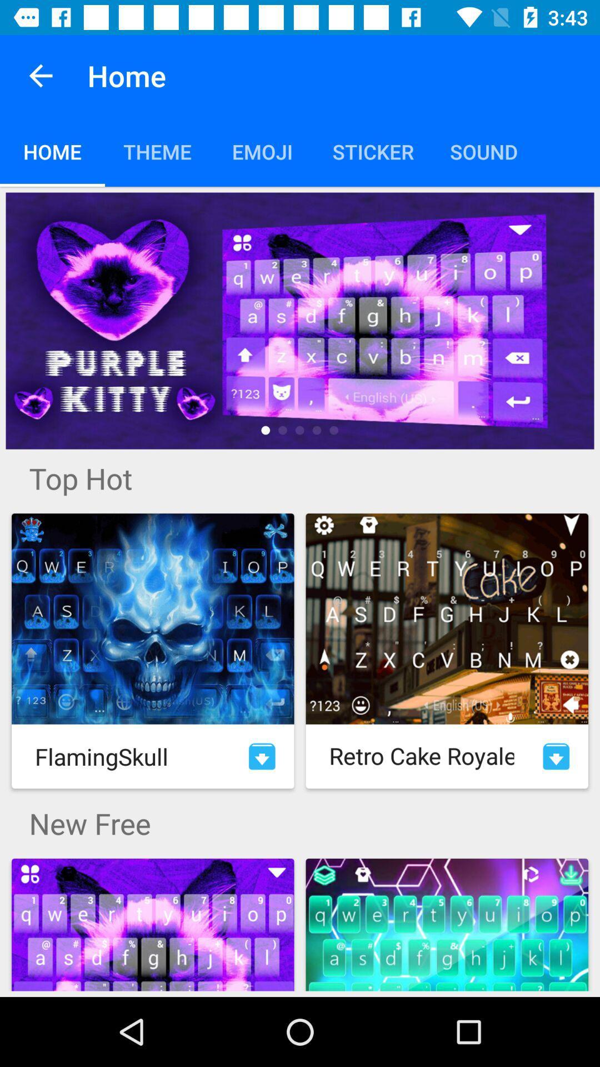 This screenshot has height=1067, width=600. Describe the element at coordinates (40, 75) in the screenshot. I see `go back` at that location.